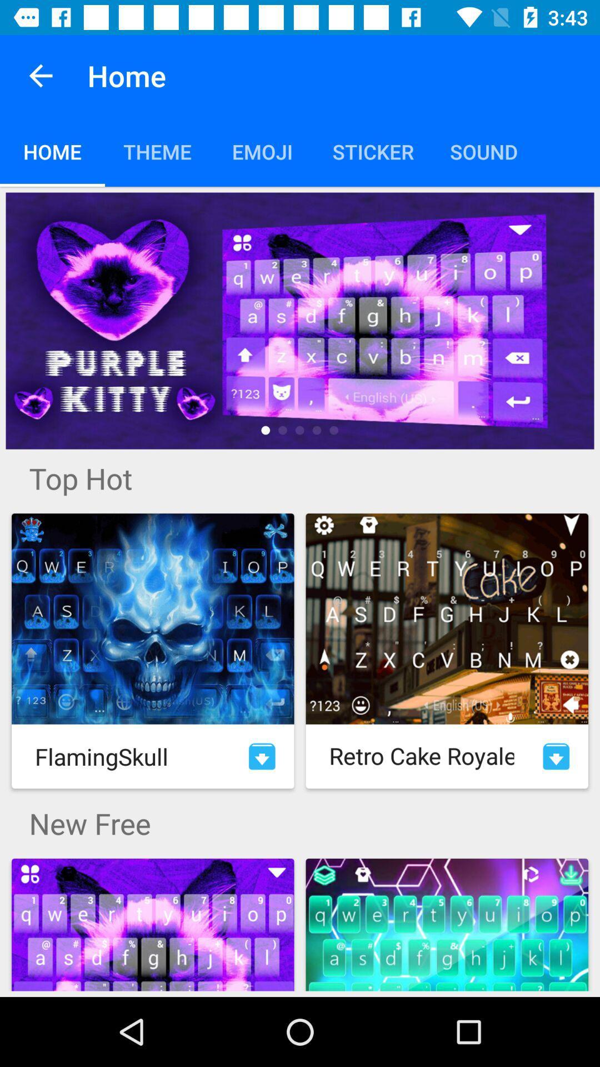 This screenshot has height=1067, width=600. Describe the element at coordinates (40, 75) in the screenshot. I see `go back` at that location.